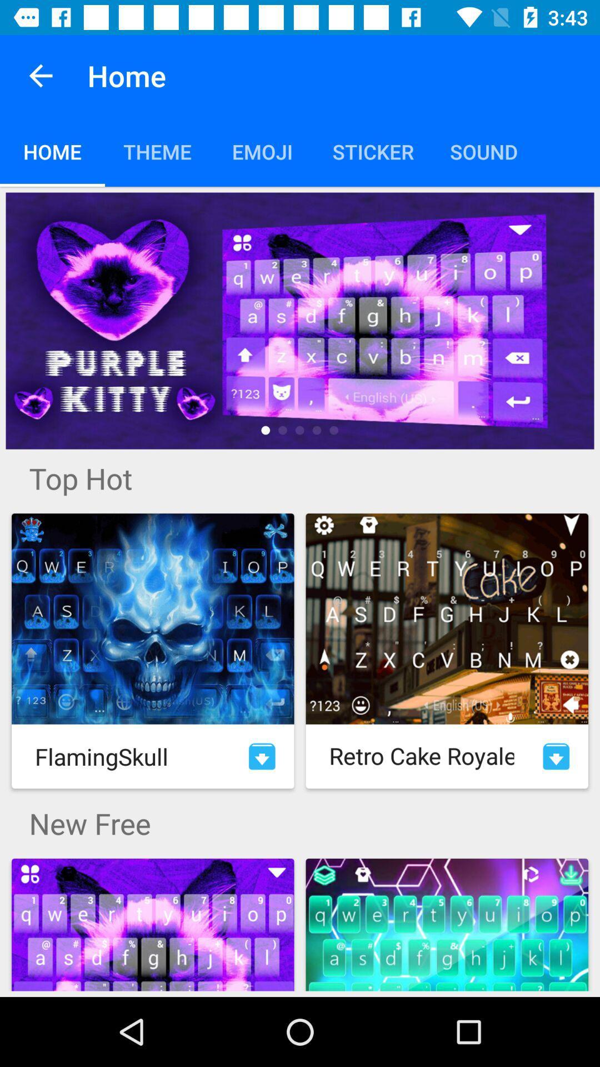 This screenshot has height=1067, width=600. Describe the element at coordinates (40, 75) in the screenshot. I see `go back` at that location.